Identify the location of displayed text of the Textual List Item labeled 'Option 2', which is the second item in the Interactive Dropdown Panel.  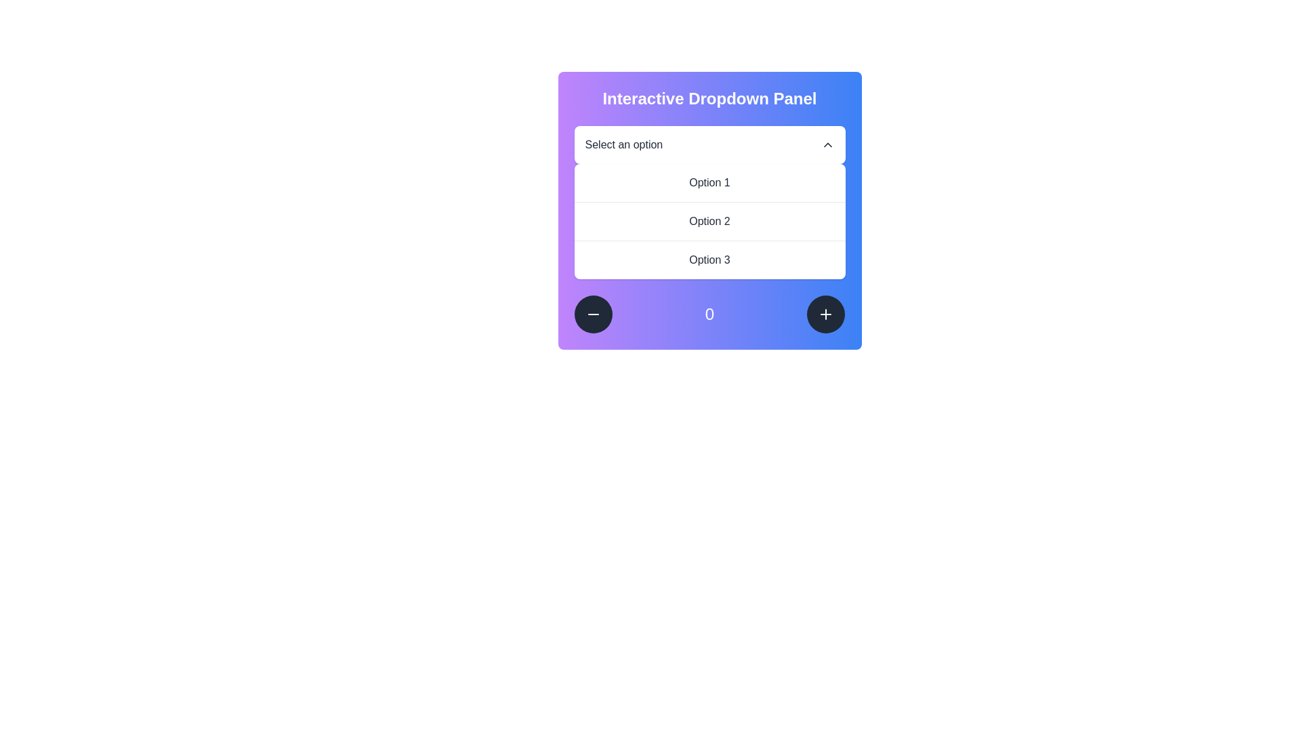
(709, 220).